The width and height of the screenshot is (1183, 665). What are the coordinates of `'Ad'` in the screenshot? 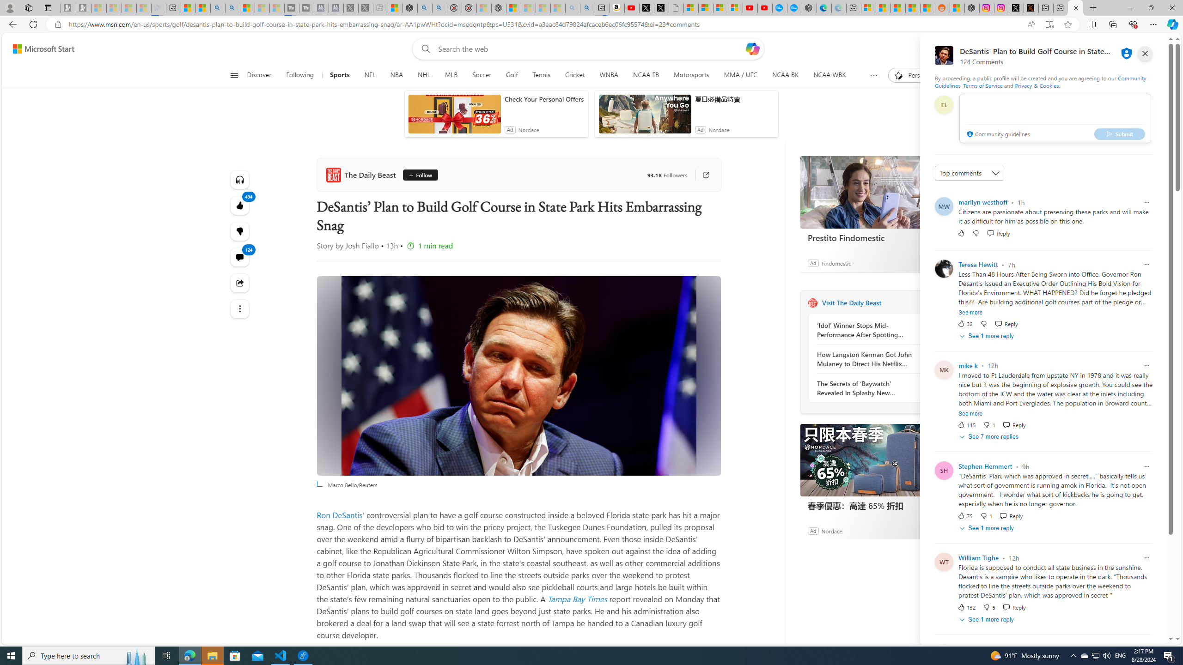 It's located at (812, 530).